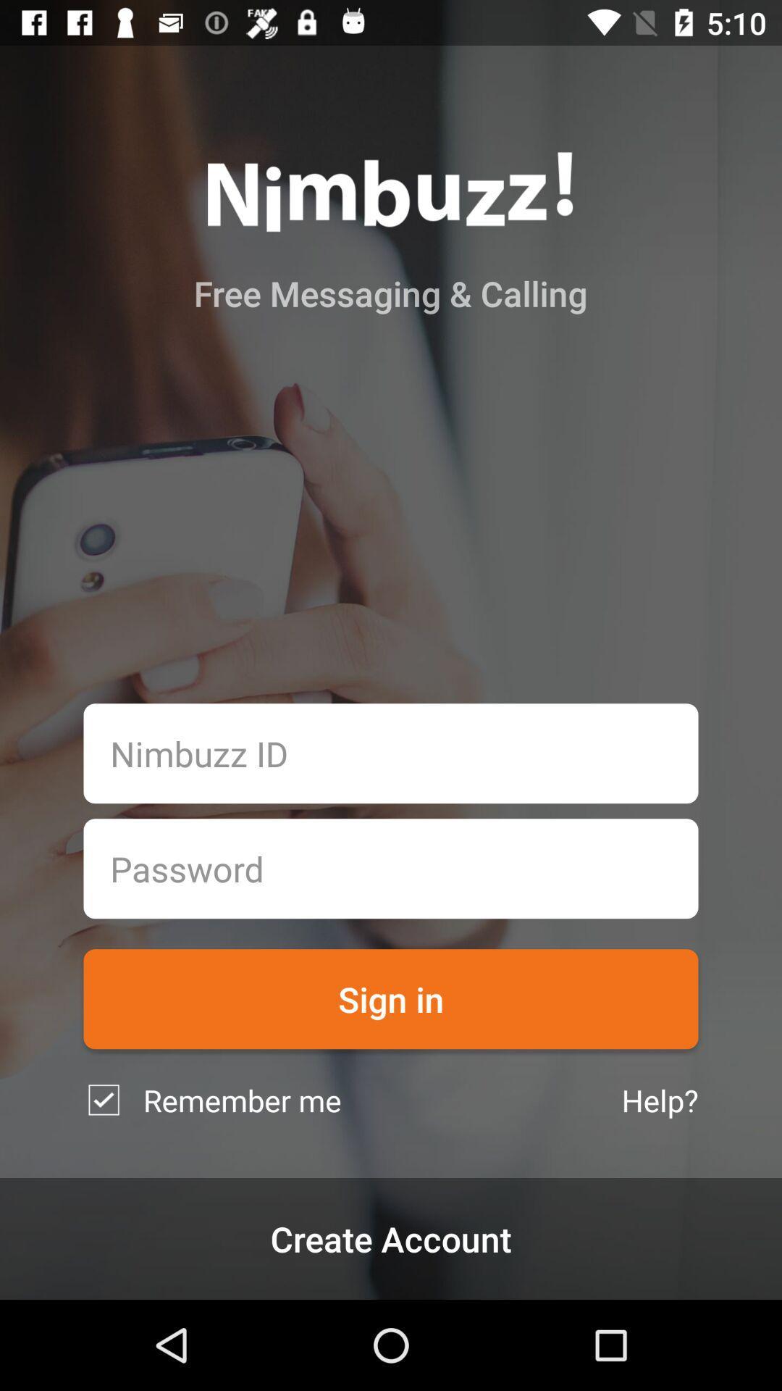 The image size is (782, 1391). I want to click on id, so click(391, 753).